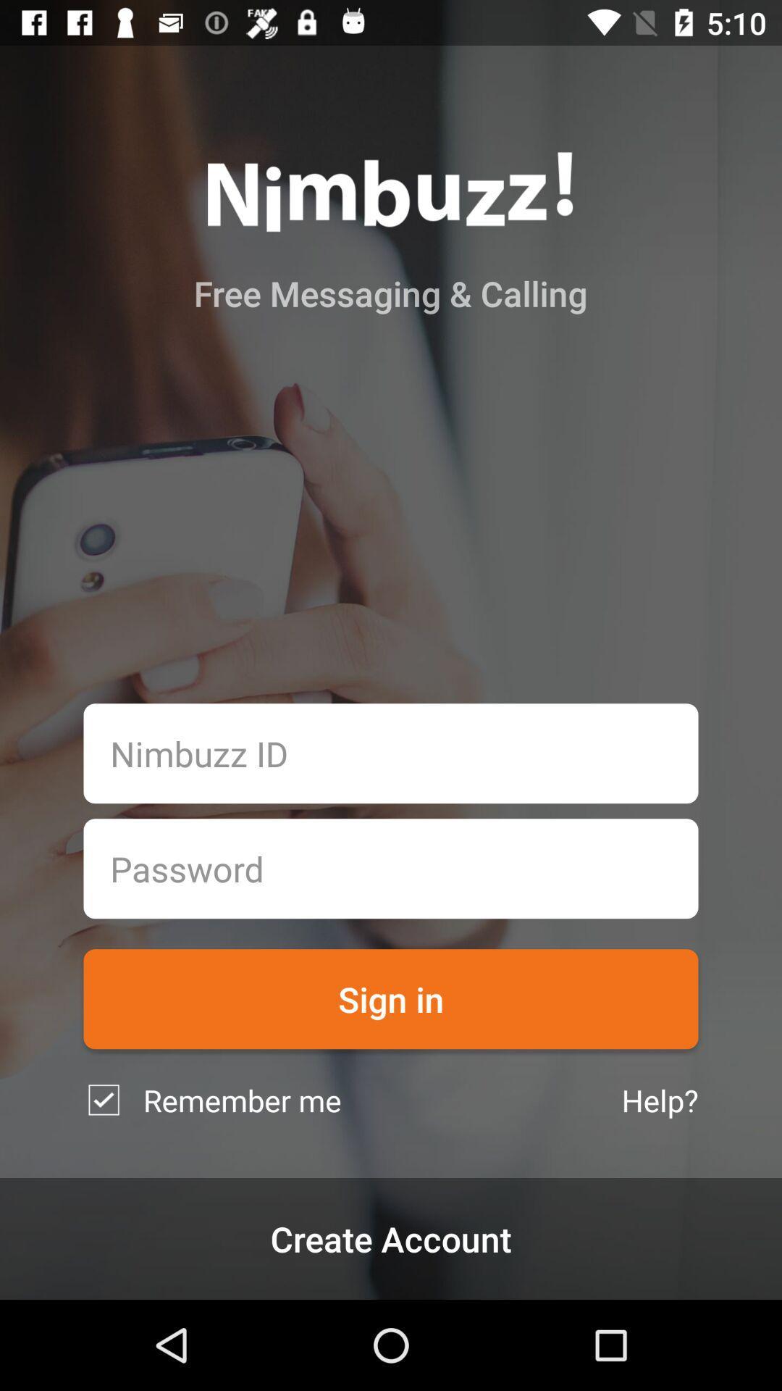 The image size is (782, 1391). I want to click on id, so click(391, 753).